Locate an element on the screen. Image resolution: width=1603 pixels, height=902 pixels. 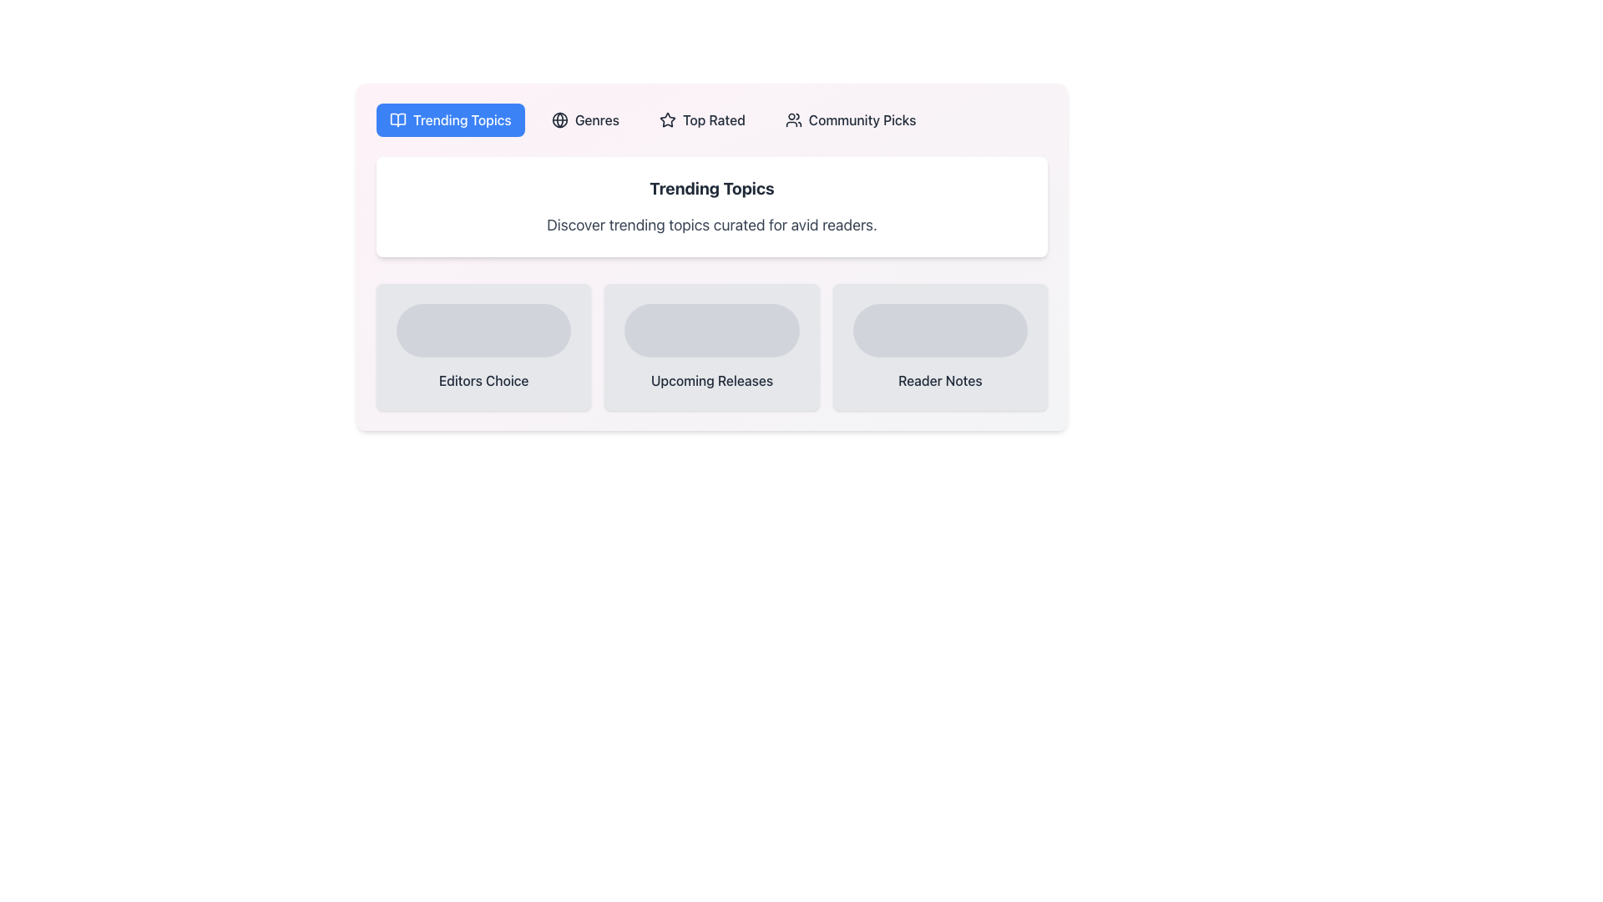
the Decorative element (possibly a placeholder) that enhances the design of the 'Editors Choice' card, located centrally within it is located at coordinates (483, 331).